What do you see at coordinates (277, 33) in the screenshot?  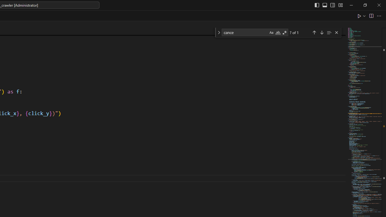 I see `'Match Whole Word (Alt+W)'` at bounding box center [277, 33].